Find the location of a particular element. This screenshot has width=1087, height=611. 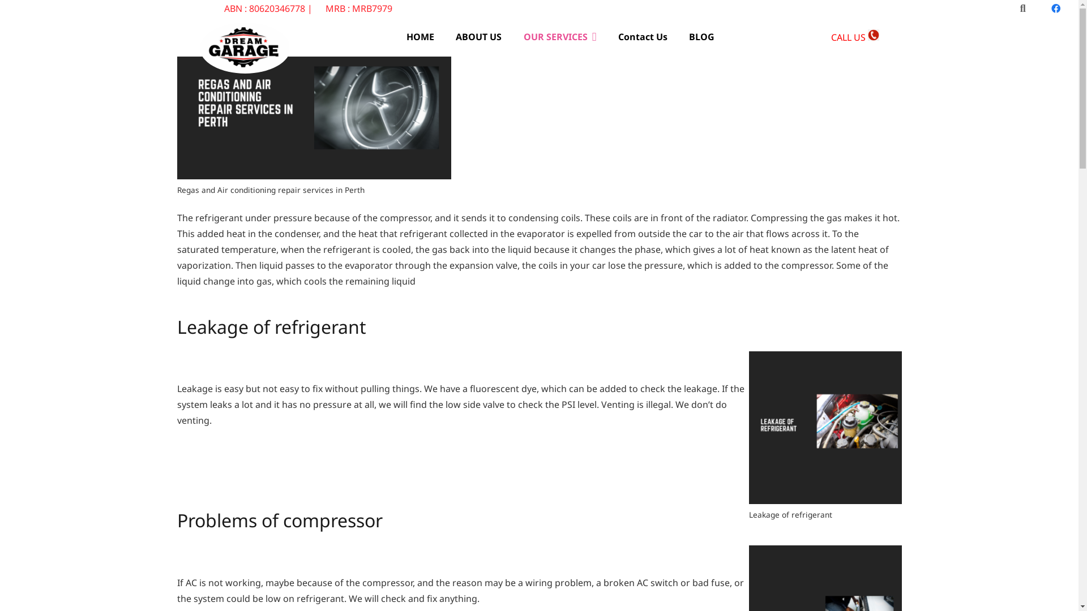

'HOME' is located at coordinates (420, 36).